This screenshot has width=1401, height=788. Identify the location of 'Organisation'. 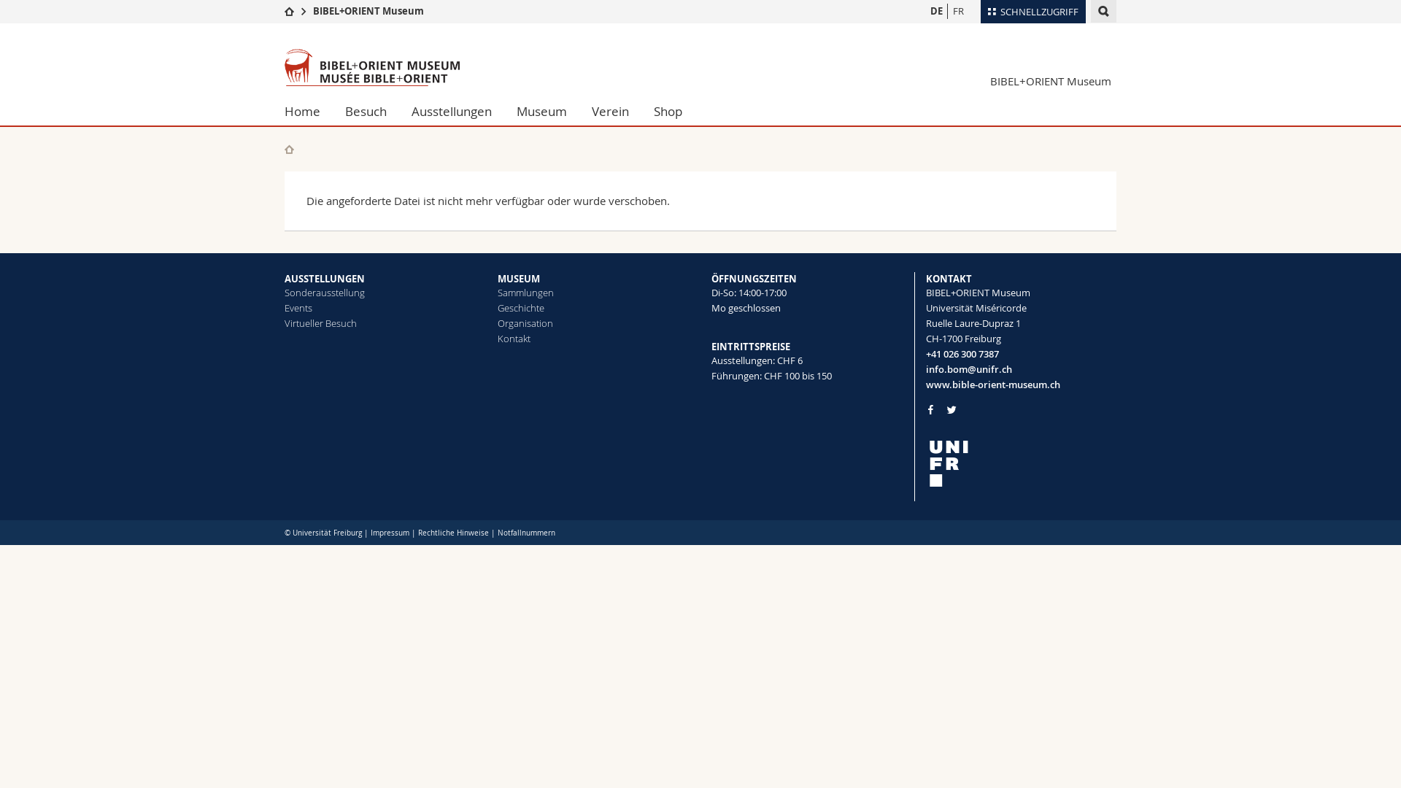
(525, 322).